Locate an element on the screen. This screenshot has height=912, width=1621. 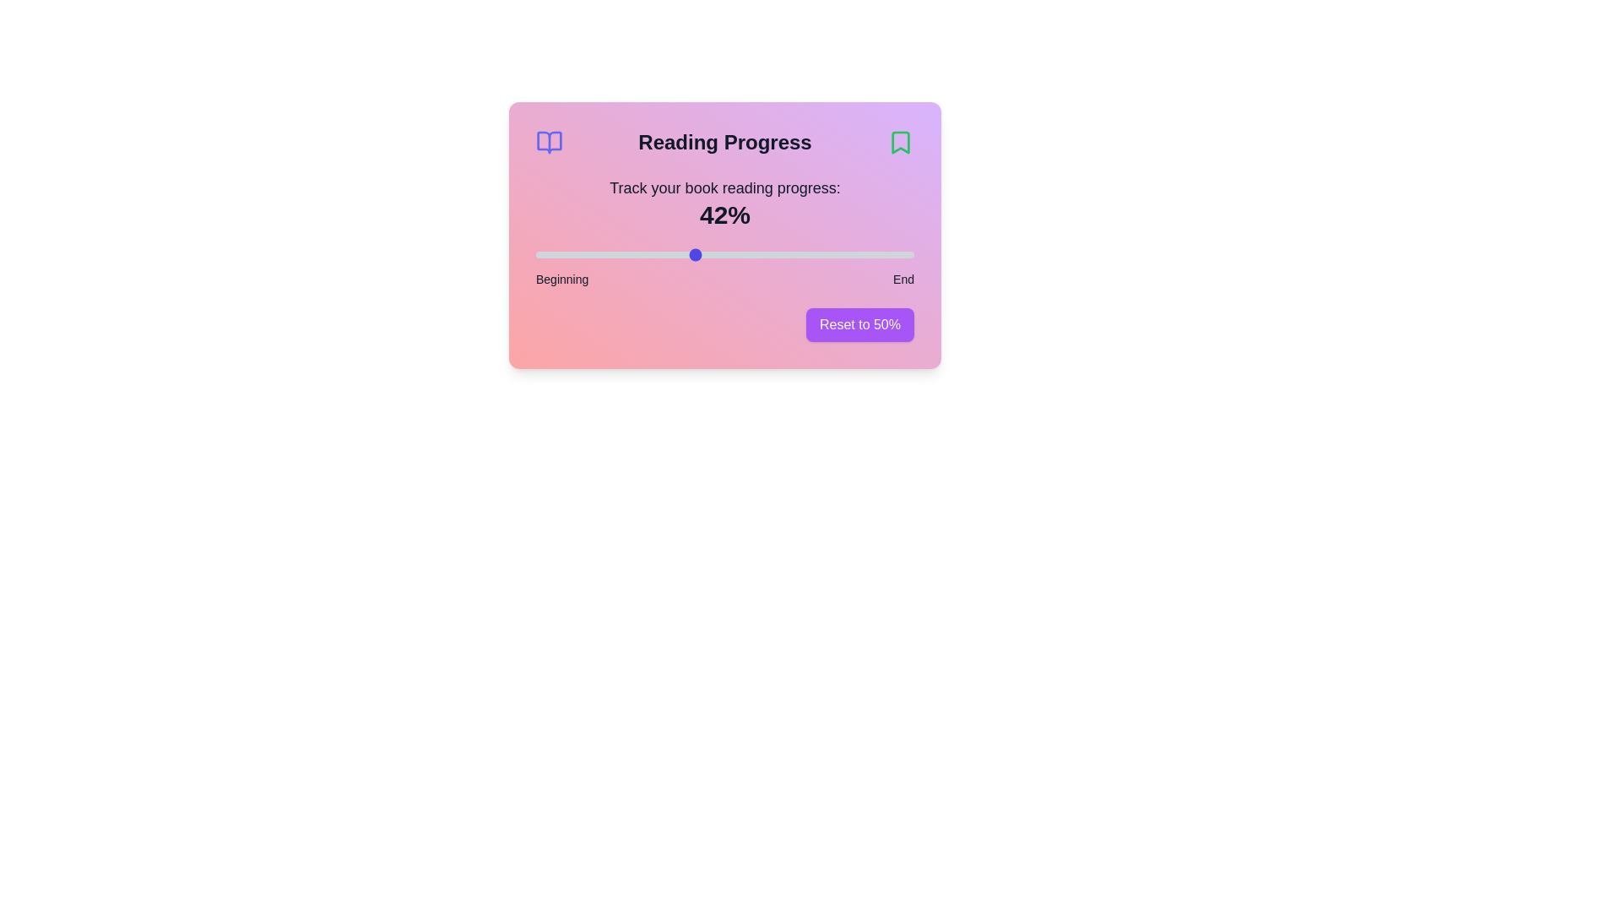
the reading progress slider to 26% is located at coordinates (633, 254).